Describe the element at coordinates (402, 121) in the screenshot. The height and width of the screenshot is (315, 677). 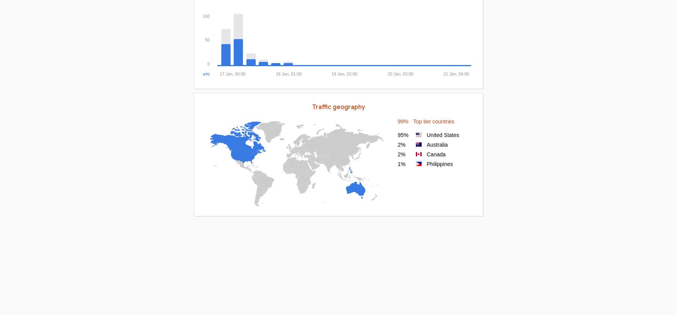
I see `'99%'` at that location.